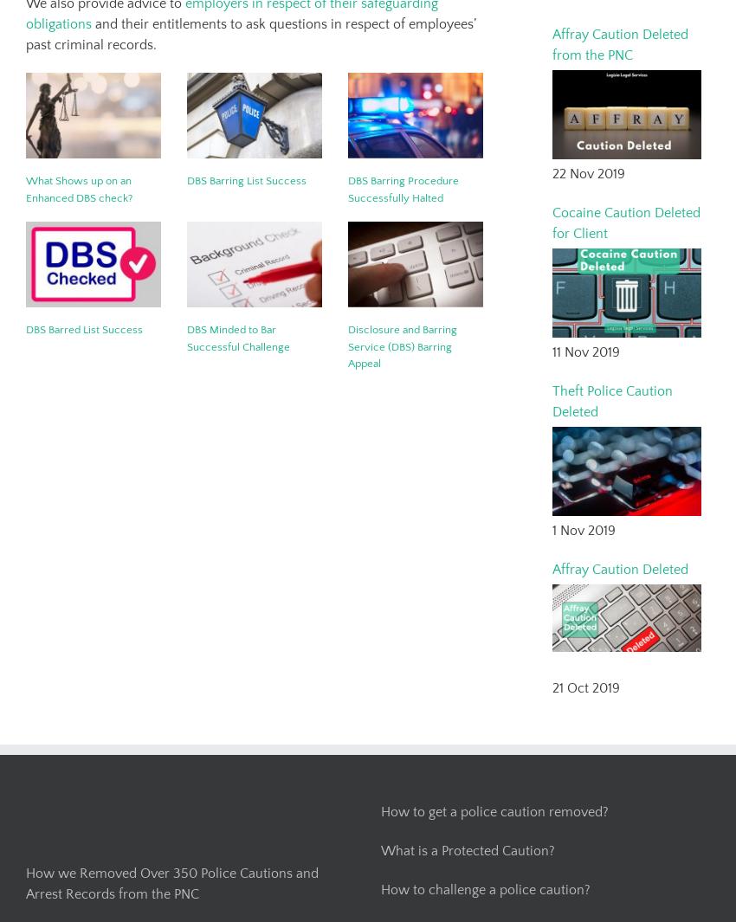 The image size is (736, 922). I want to click on 'Cocaine Caution Deleted for Client', so click(625, 221).